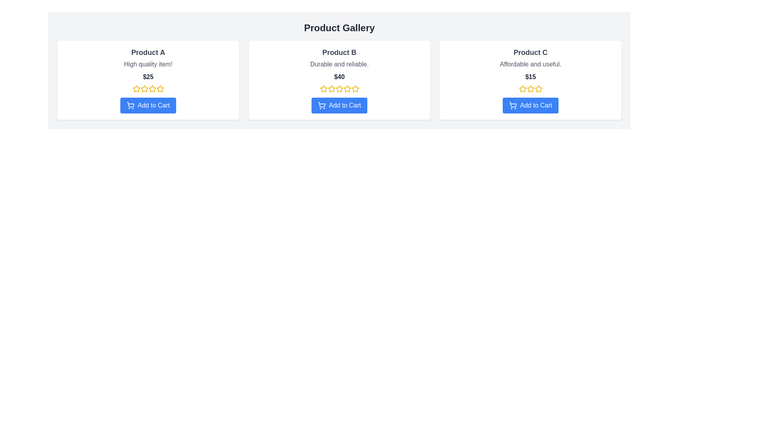  Describe the element at coordinates (513, 105) in the screenshot. I see `the shopping cart icon located to the left of the 'Add to Cart' button for Product C in the main content area` at that location.